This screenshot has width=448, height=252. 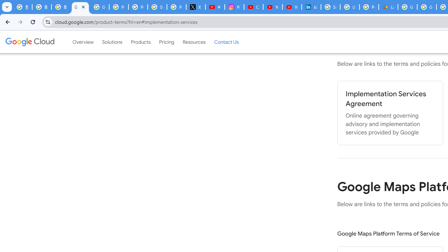 What do you see at coordinates (140, 42) in the screenshot?
I see `'Products'` at bounding box center [140, 42].